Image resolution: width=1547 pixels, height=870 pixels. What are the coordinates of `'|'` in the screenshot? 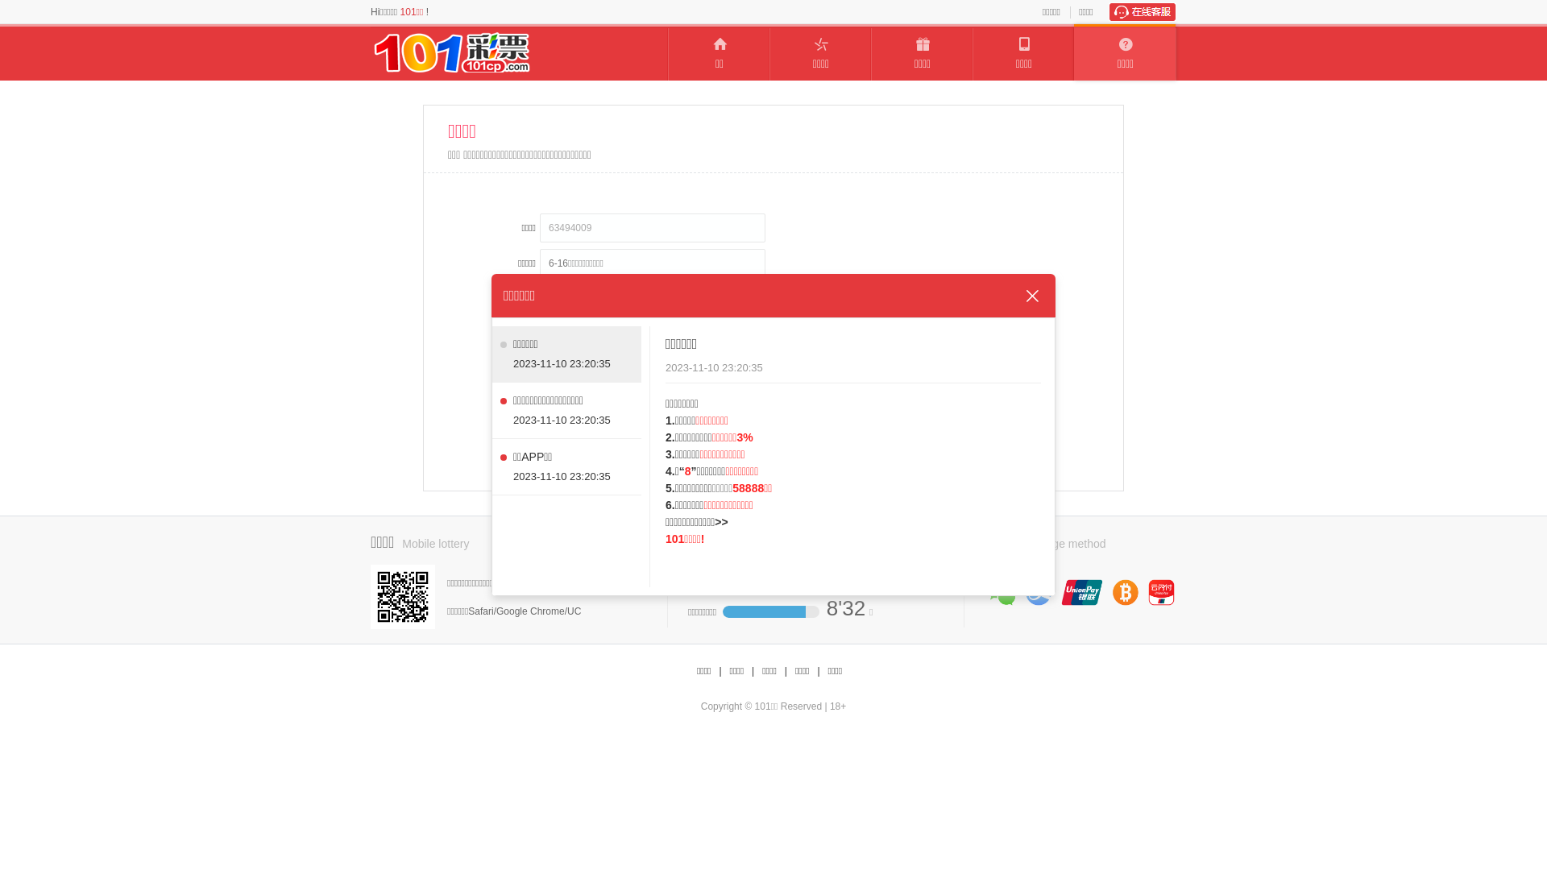 It's located at (718, 671).